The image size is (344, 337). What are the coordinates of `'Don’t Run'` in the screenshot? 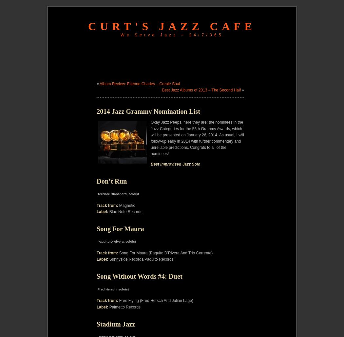 It's located at (111, 181).